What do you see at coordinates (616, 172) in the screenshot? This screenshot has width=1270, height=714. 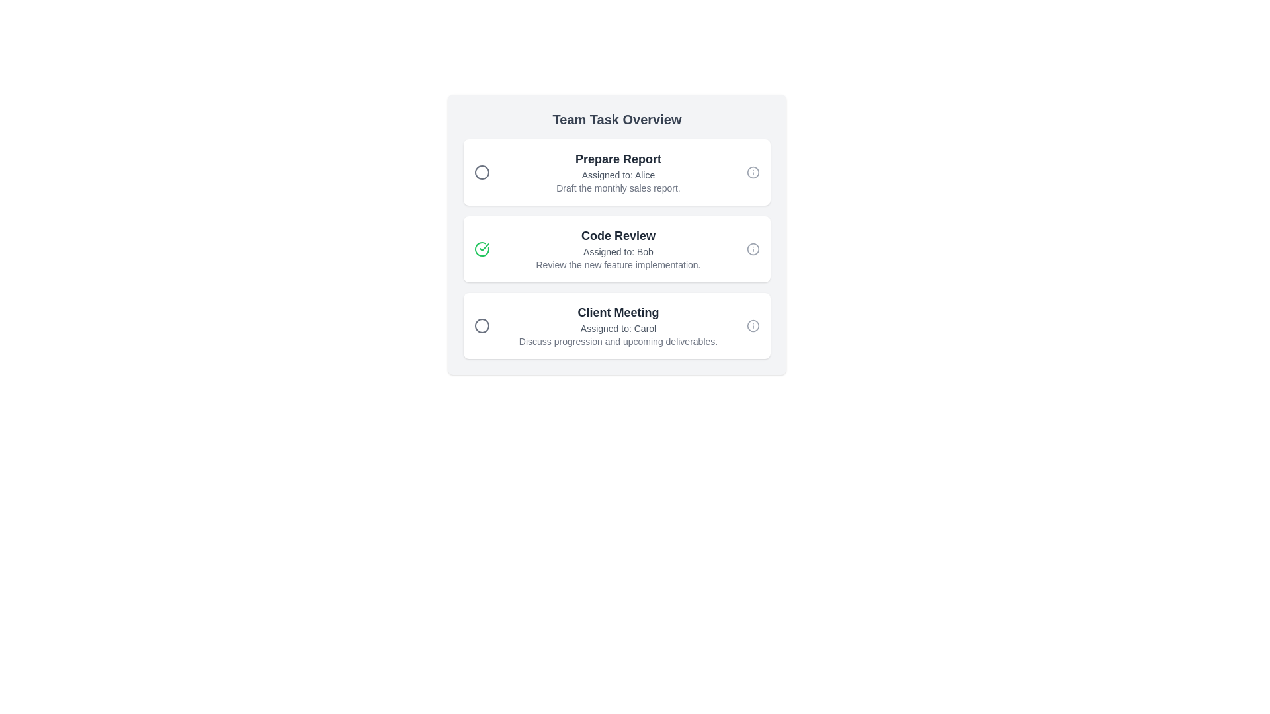 I see `task details from the 'Prepare Report' task card, which is the first card in the list with a white background and a bold title` at bounding box center [616, 172].